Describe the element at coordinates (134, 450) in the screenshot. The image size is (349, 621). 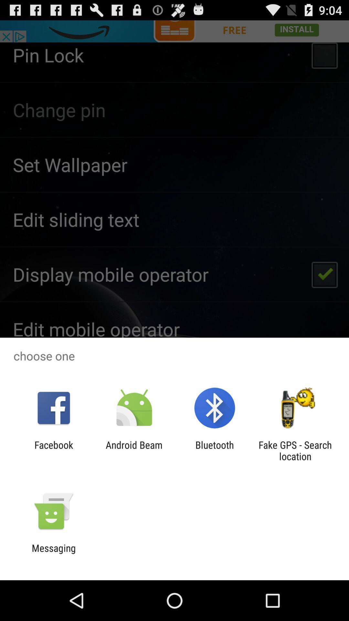
I see `the icon next to facebook` at that location.